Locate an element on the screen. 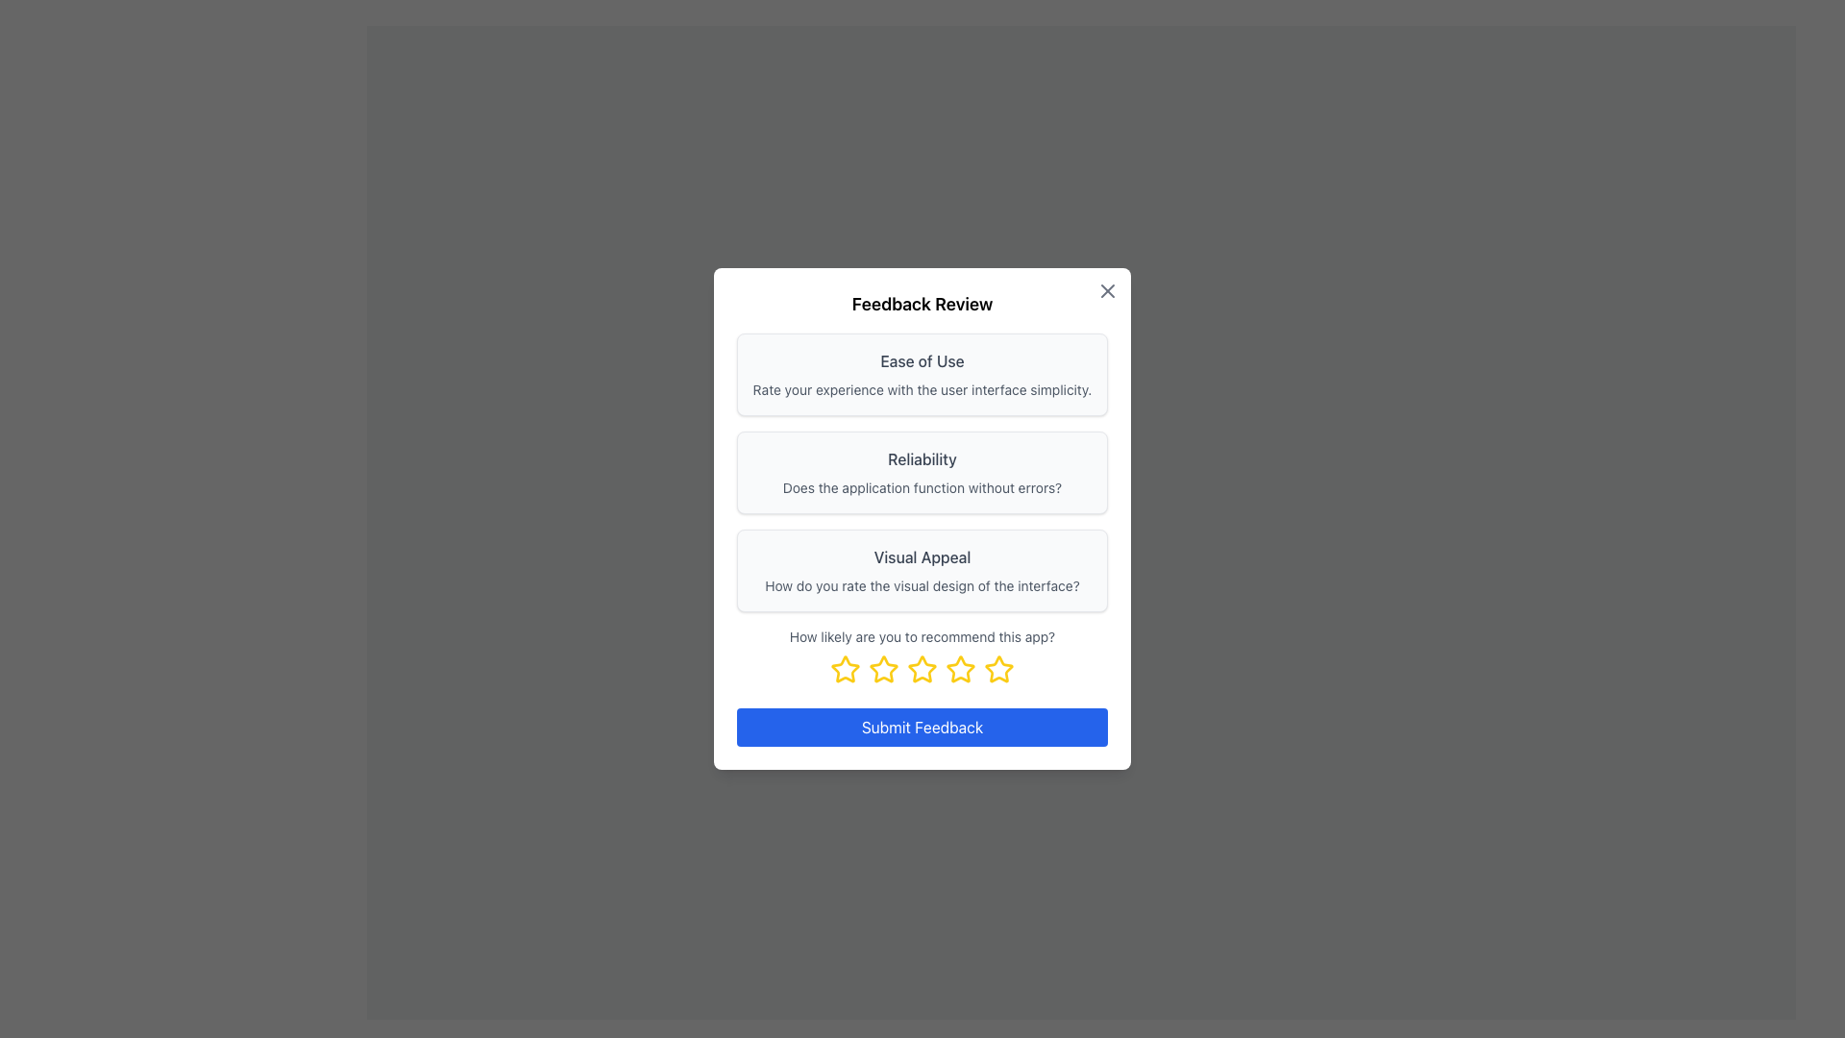 Image resolution: width=1845 pixels, height=1038 pixels. the third star in the five-star rating system below the 'How likely are you to recommend this app?' heading is located at coordinates (922, 668).